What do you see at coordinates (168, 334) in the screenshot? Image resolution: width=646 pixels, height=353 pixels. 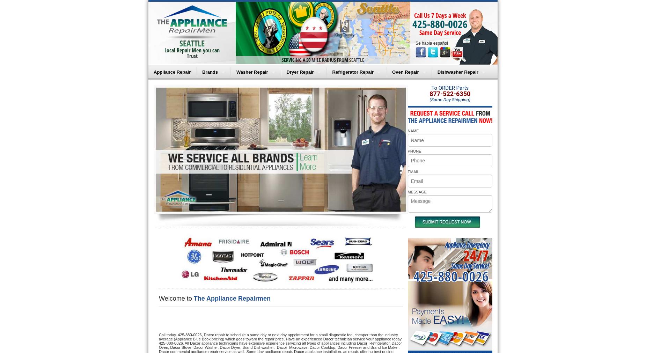 I see `'Call today,'` at bounding box center [168, 334].